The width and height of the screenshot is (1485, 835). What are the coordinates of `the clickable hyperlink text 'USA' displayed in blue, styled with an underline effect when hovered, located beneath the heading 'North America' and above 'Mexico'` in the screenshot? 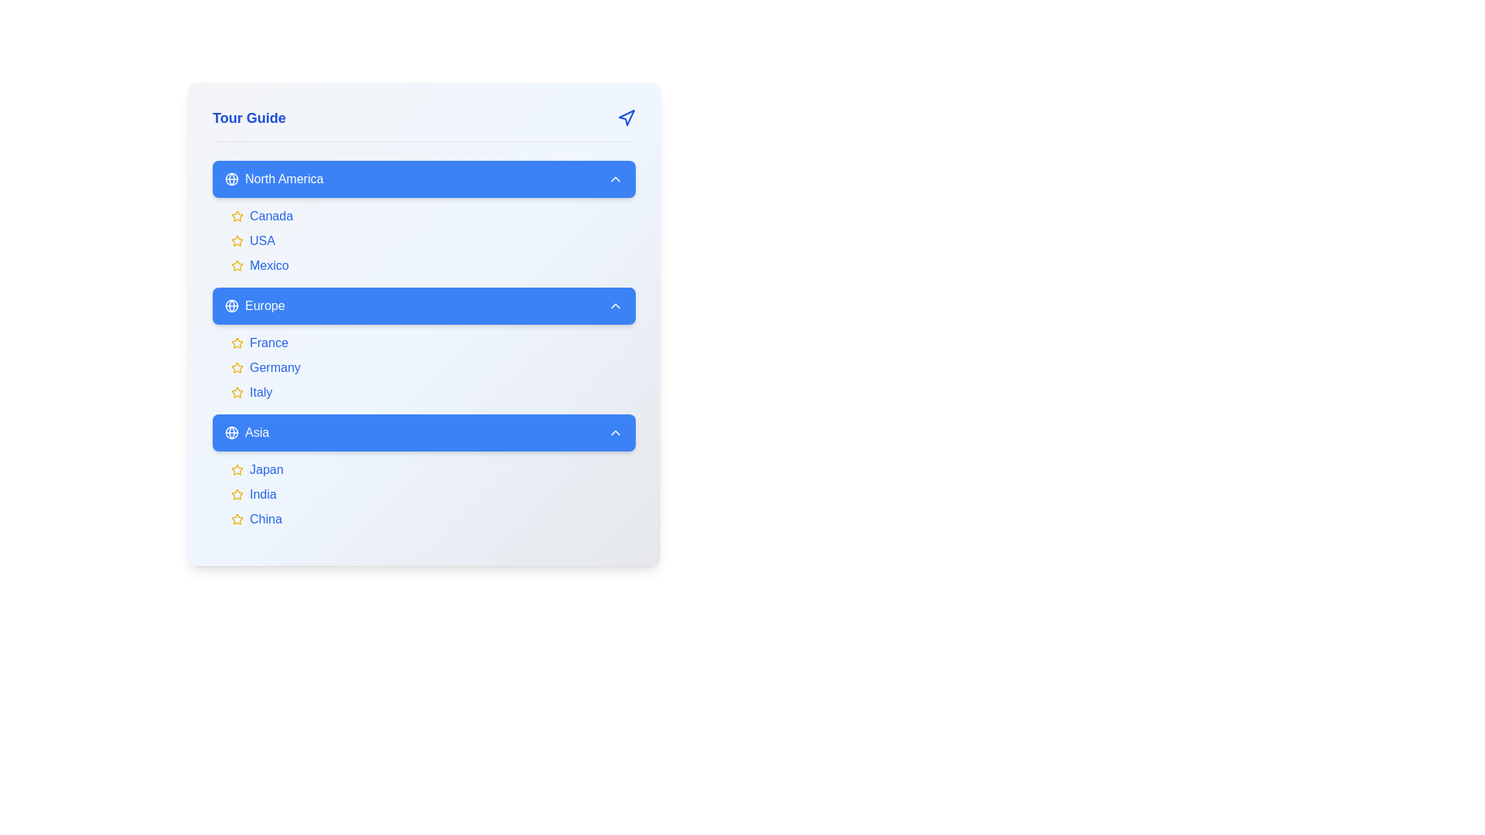 It's located at (262, 241).